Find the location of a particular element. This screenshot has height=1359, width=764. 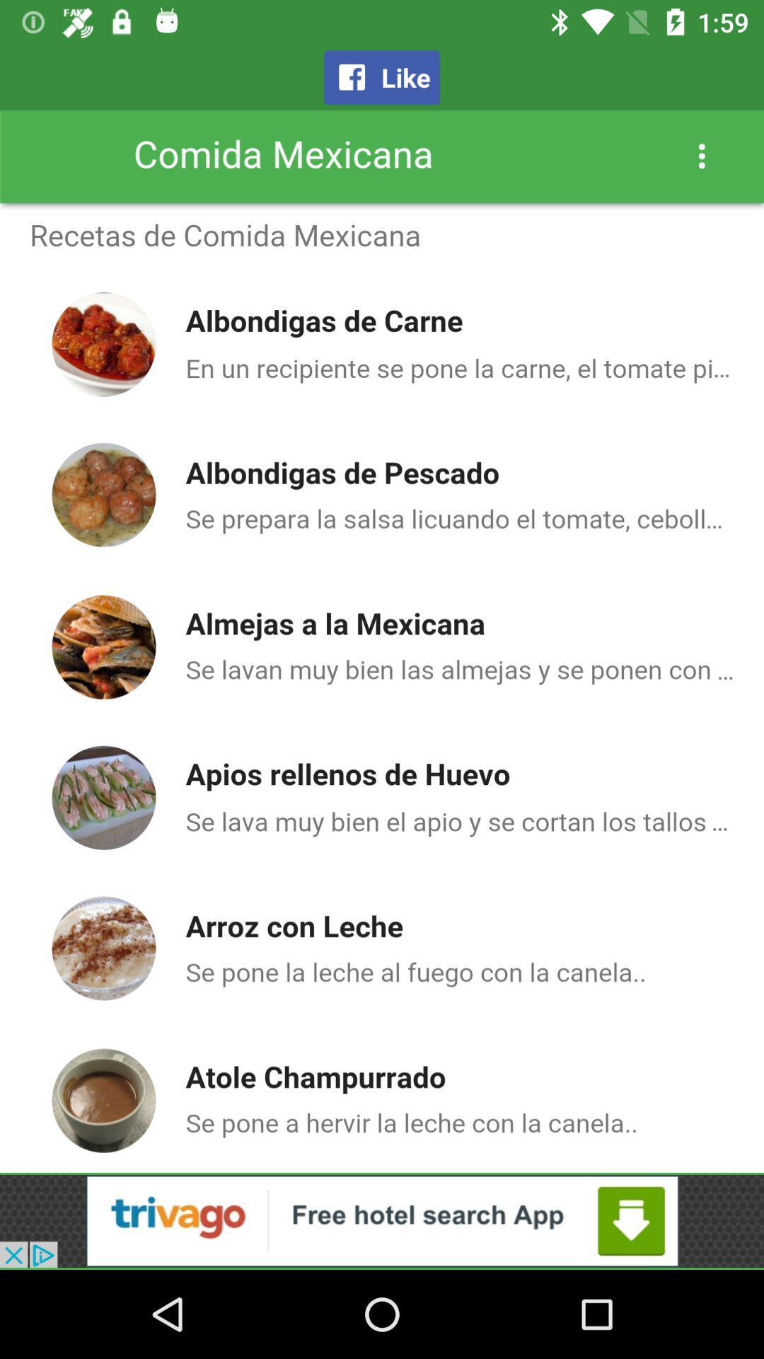

advertisement is located at coordinates (382, 1220).